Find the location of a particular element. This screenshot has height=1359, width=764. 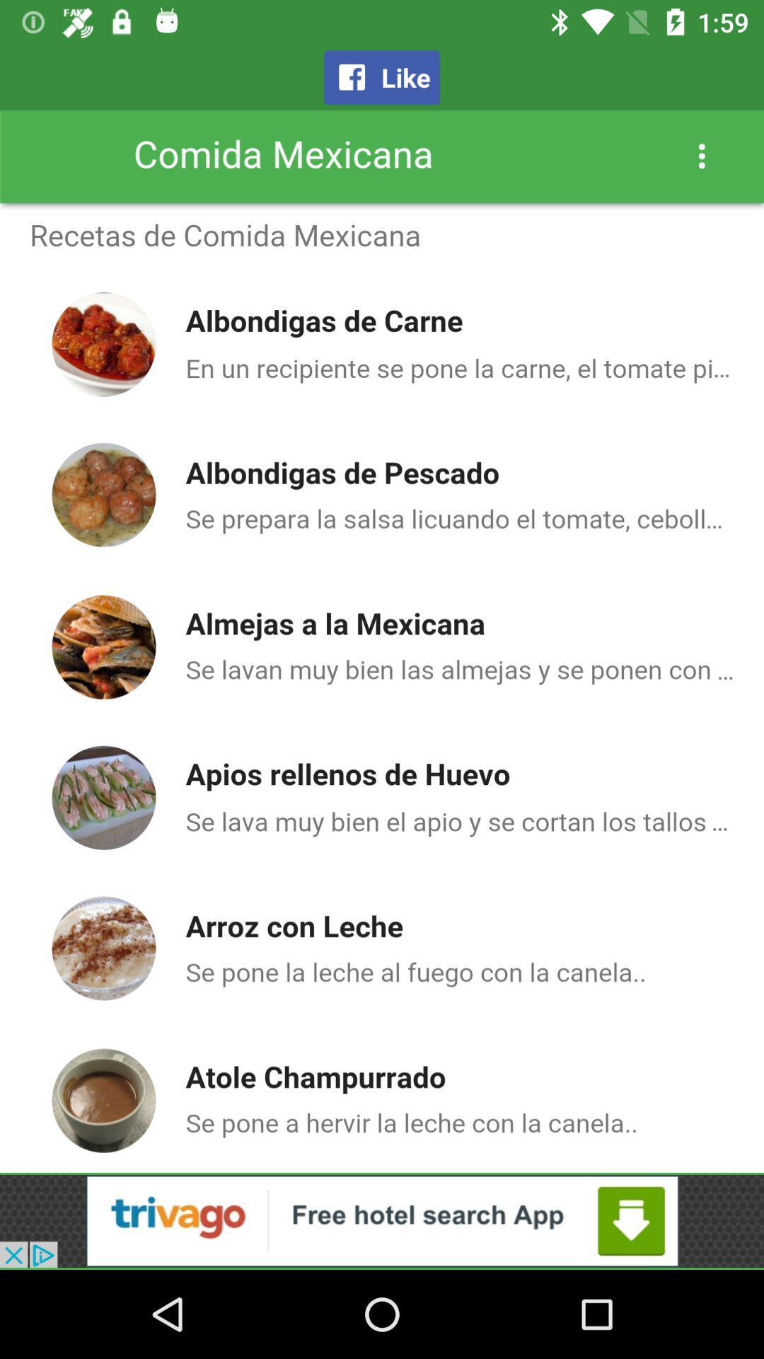

advertisement is located at coordinates (382, 1220).